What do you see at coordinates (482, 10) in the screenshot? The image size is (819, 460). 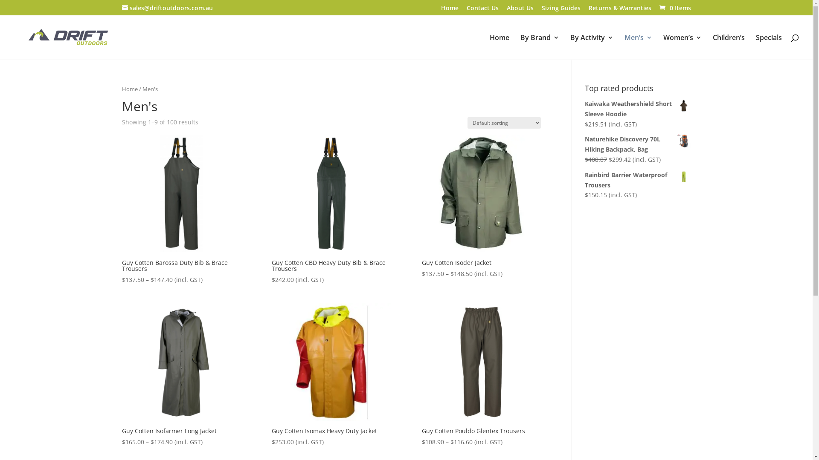 I see `'Contact Us'` at bounding box center [482, 10].